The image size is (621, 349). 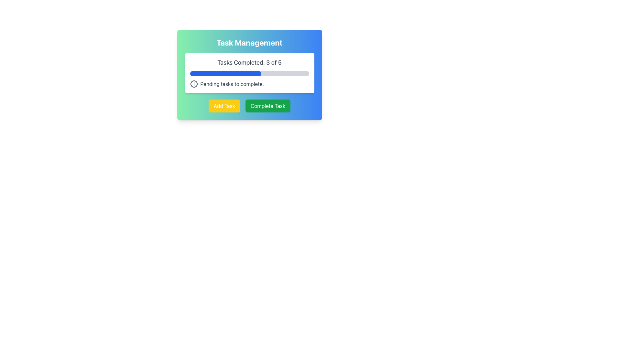 I want to click on the task management icon located at the start of the row containing the text 'Pending tasks to complete', so click(x=193, y=83).